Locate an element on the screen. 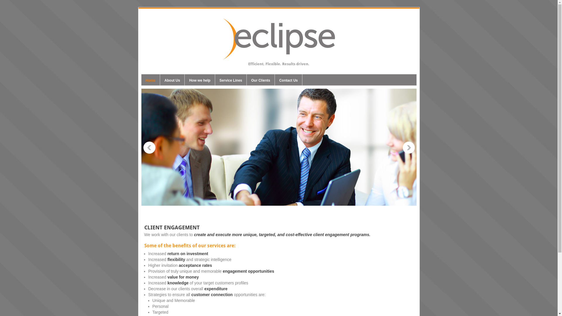 Image resolution: width=562 pixels, height=316 pixels. 'Contact Us' is located at coordinates (288, 81).